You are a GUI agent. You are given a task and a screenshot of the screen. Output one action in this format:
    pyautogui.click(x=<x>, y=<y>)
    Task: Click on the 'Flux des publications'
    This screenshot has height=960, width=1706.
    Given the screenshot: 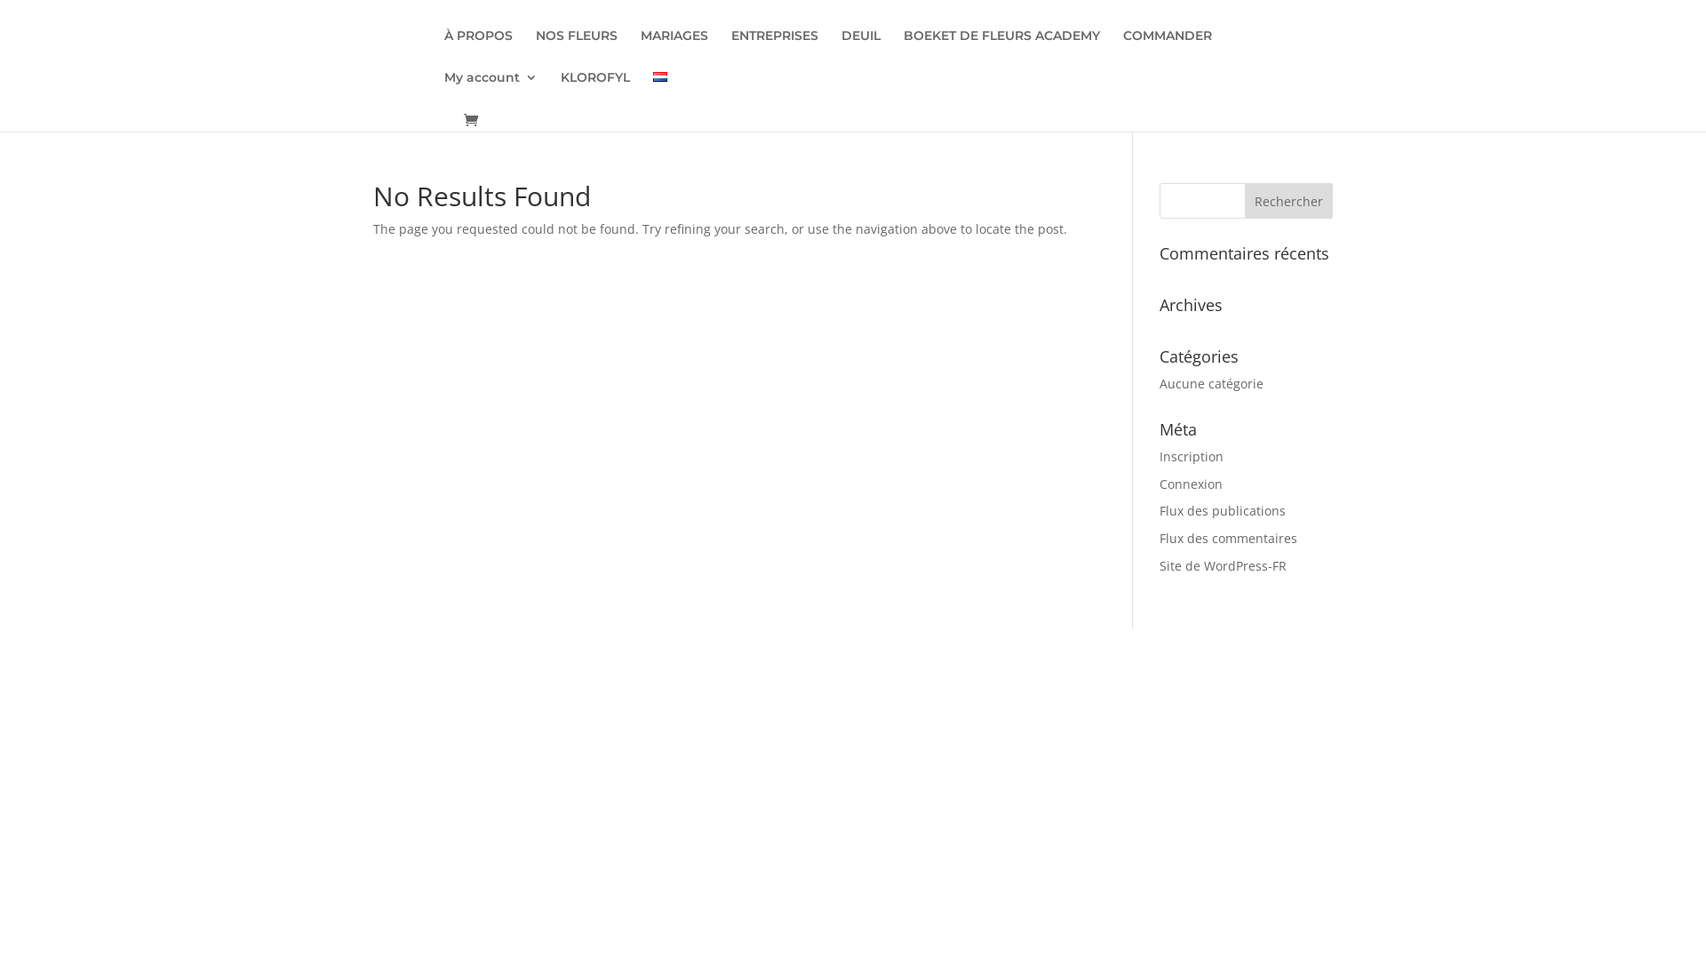 What is the action you would take?
    pyautogui.click(x=1160, y=510)
    